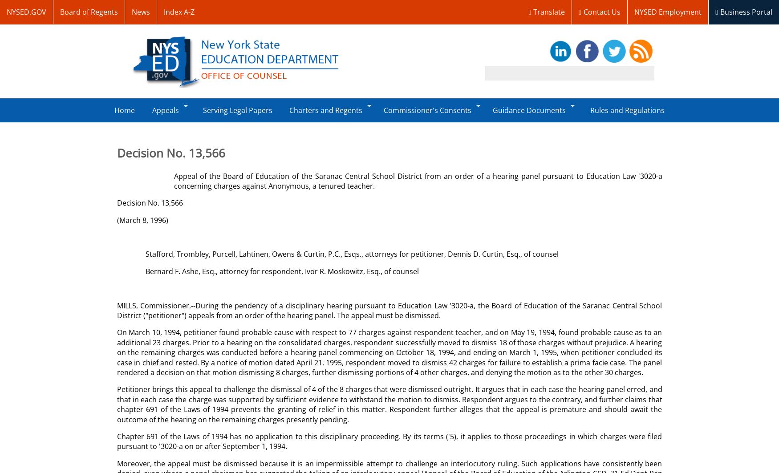  Describe the element at coordinates (288, 110) in the screenshot. I see `'Charters and Regents'` at that location.